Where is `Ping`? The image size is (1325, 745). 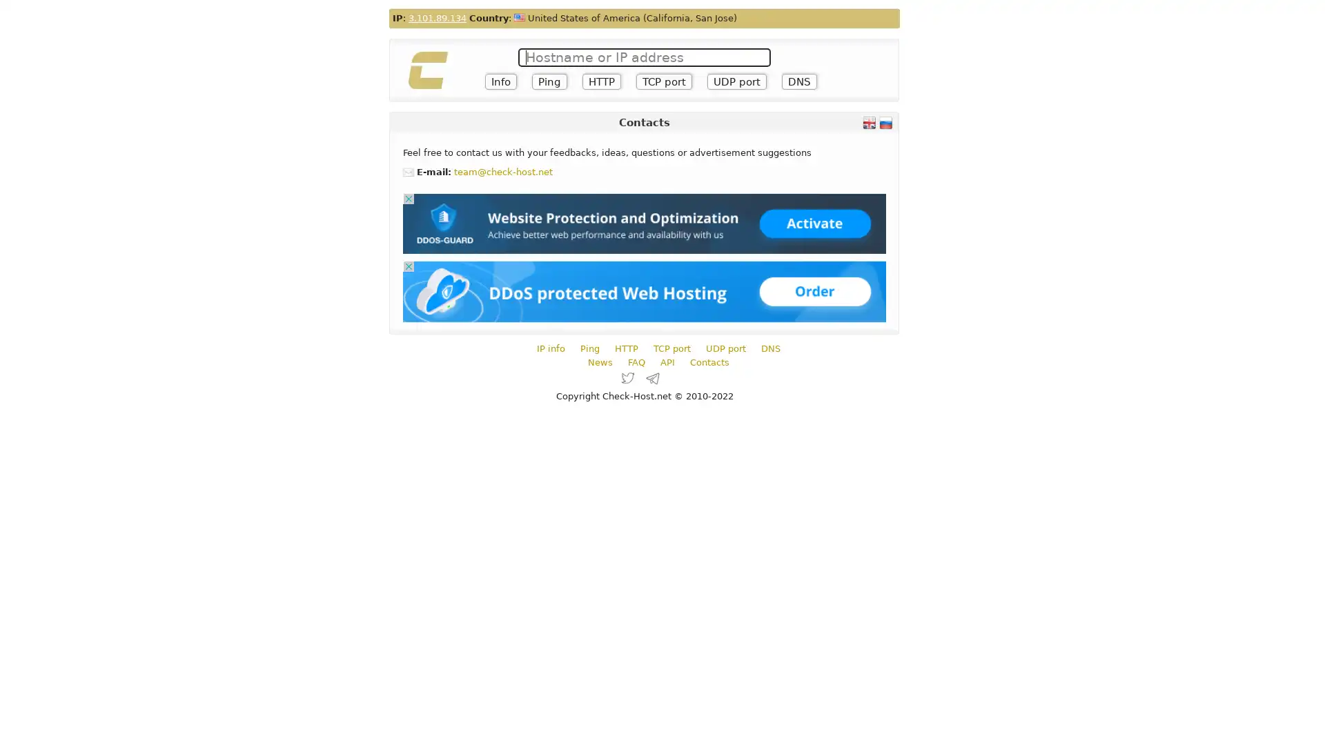 Ping is located at coordinates (548, 81).